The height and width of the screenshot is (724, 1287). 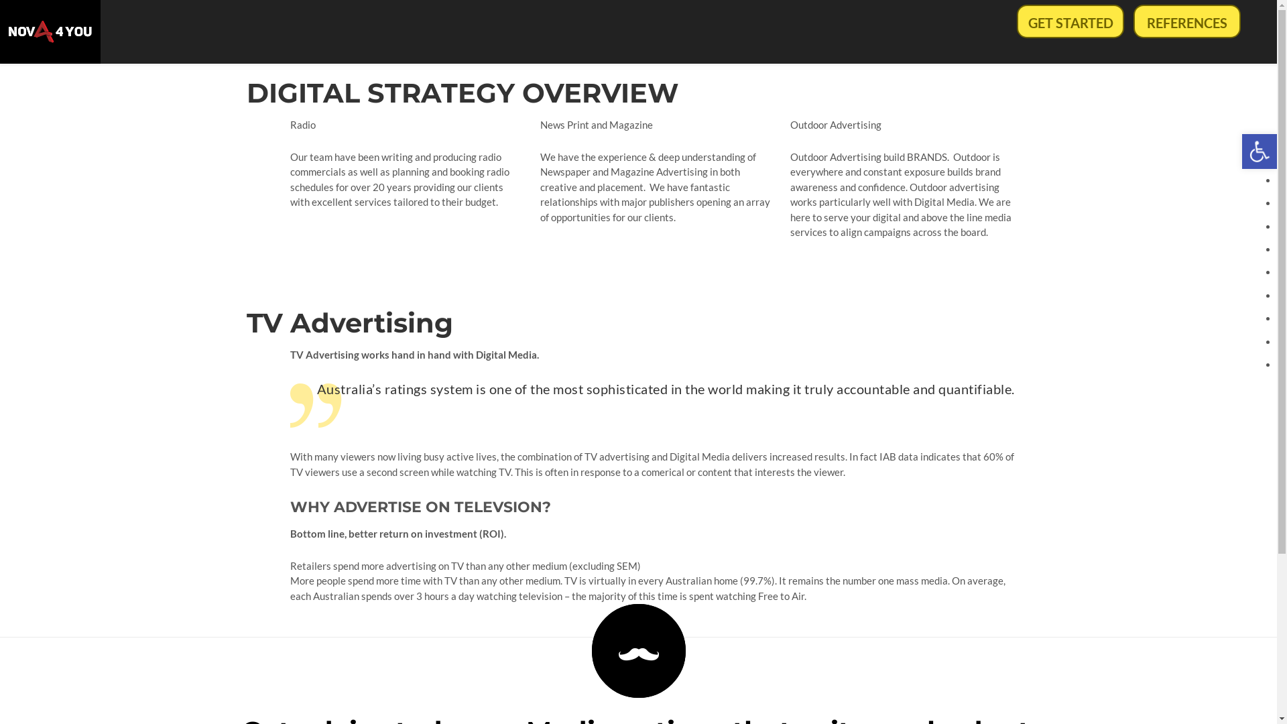 I want to click on 'REFERENCES', so click(x=1187, y=21).